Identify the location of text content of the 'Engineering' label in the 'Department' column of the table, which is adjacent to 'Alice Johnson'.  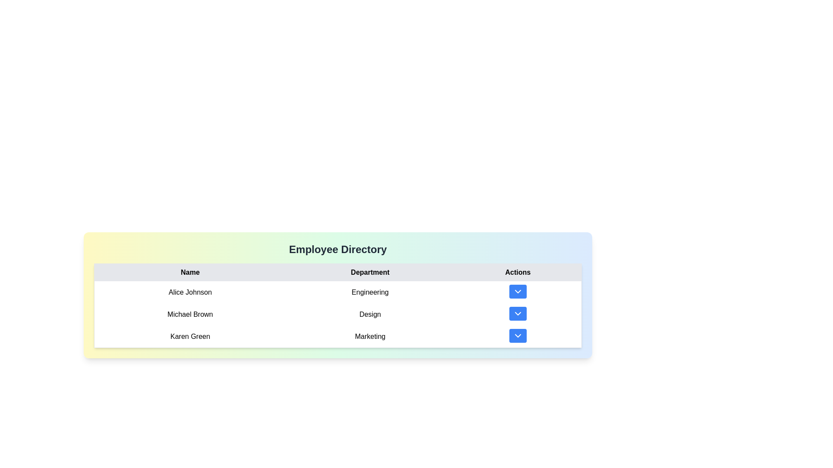
(370, 292).